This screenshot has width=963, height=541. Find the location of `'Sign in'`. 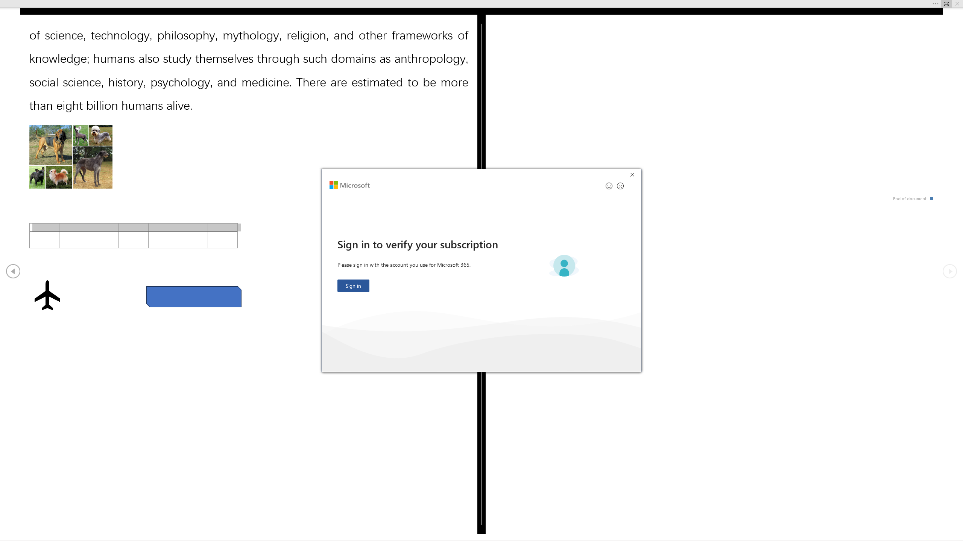

'Sign in' is located at coordinates (353, 286).